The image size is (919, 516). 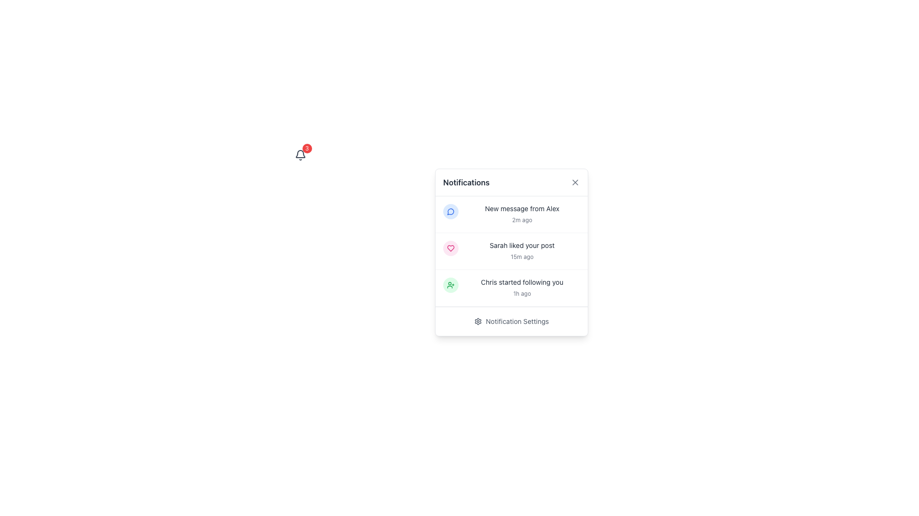 I want to click on the text label displaying 'New message from Alex', which is styled in a small font size with a dark gray color, indicating a notification at the top of a notification list, so click(x=521, y=208).